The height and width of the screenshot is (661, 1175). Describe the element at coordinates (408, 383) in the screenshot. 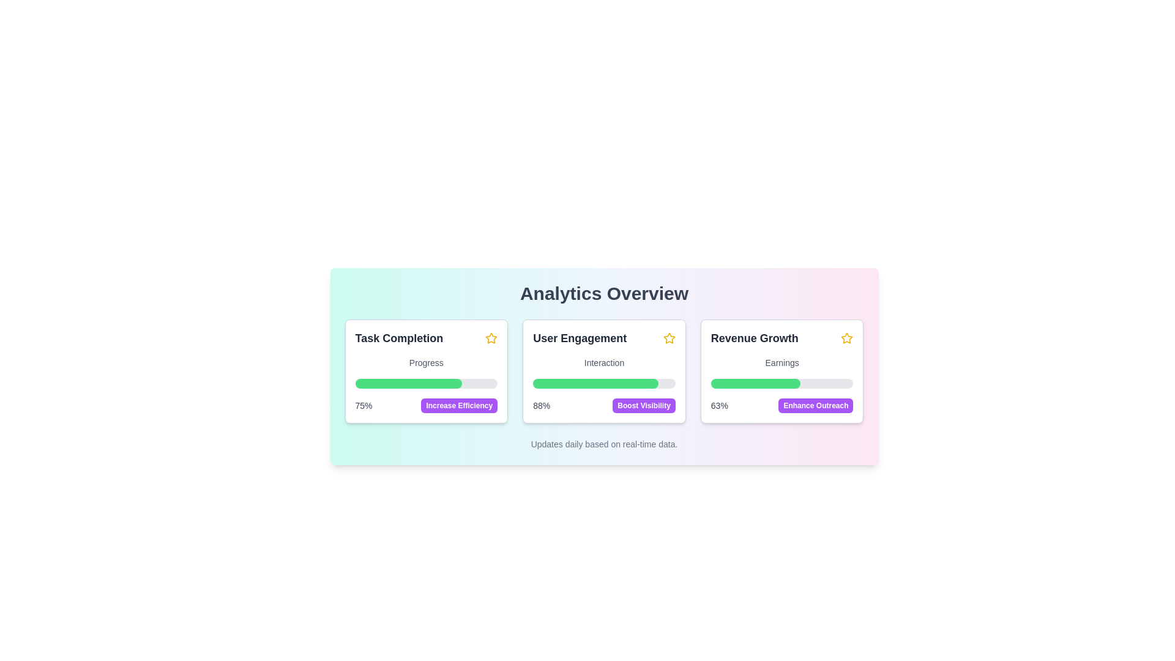

I see `the green progress bar within the 'Task Completion' card, which is styled with a bright green background and indicates 75% completion` at that location.